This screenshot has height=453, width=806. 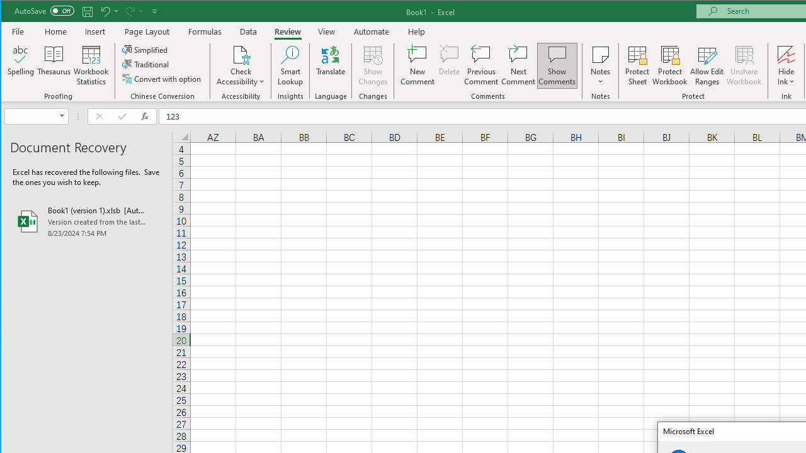 I want to click on 'Check Accessibility', so click(x=241, y=65).